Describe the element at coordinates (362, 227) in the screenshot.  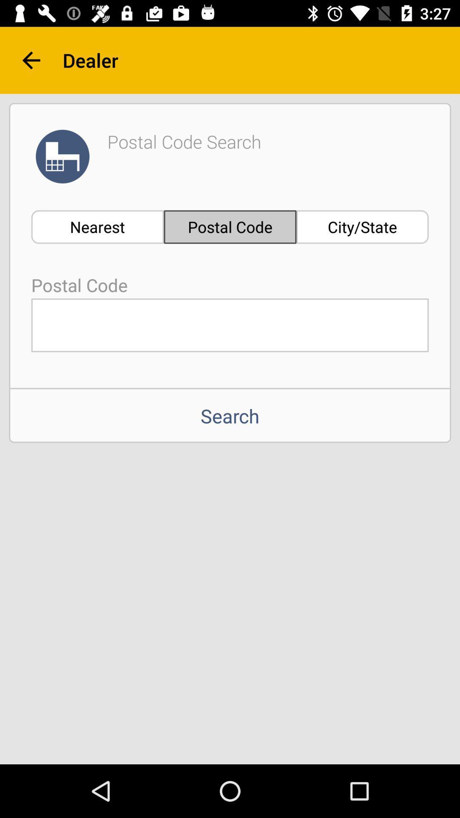
I see `item below dealer item` at that location.